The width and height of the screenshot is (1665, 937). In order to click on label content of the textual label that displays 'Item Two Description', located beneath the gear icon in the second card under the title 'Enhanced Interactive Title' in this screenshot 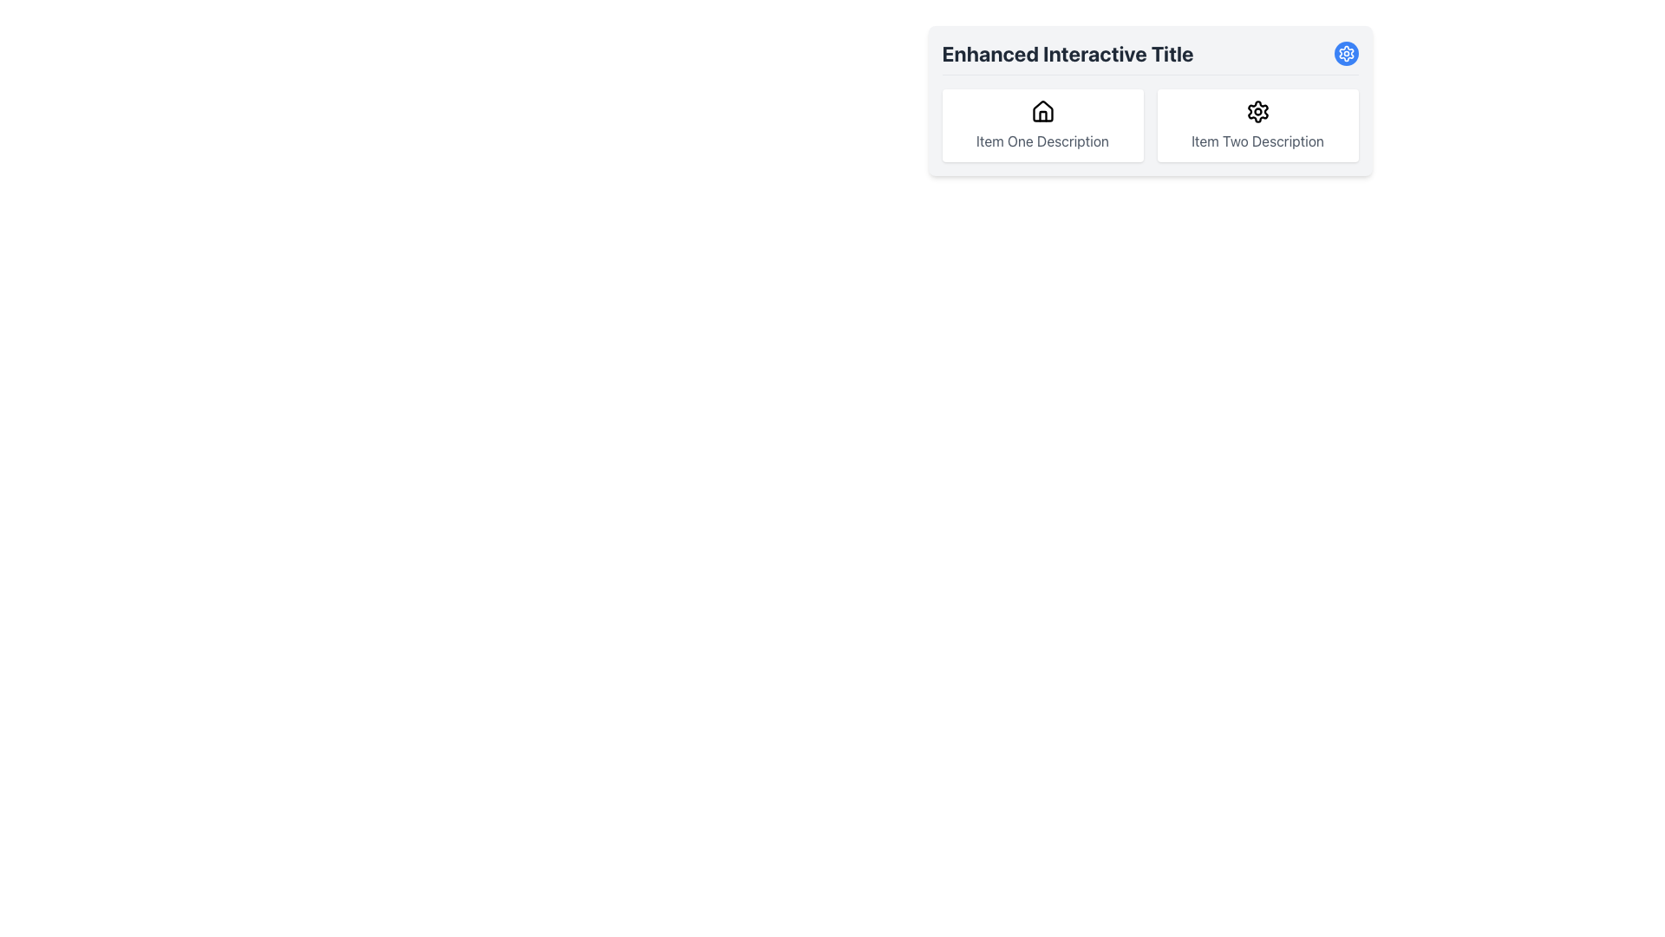, I will do `click(1257, 140)`.